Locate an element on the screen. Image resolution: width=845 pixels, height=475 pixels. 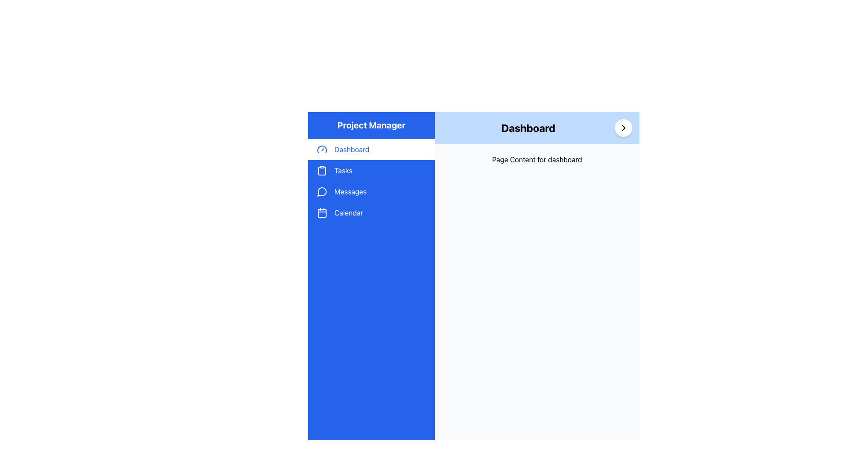
the 'Calendar' button located in the sidebar, which is the fourth menu item below 'Messages' is located at coordinates (371, 212).